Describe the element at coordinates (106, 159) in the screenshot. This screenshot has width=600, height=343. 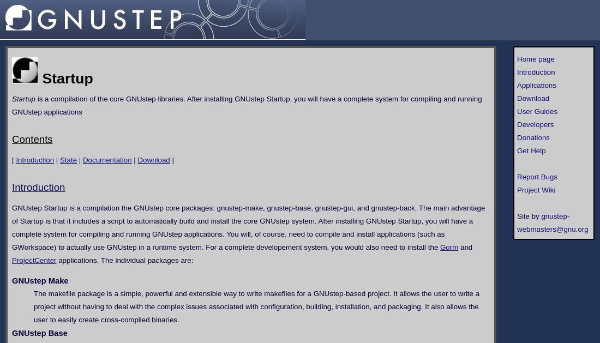
I see `'Documentation'` at that location.